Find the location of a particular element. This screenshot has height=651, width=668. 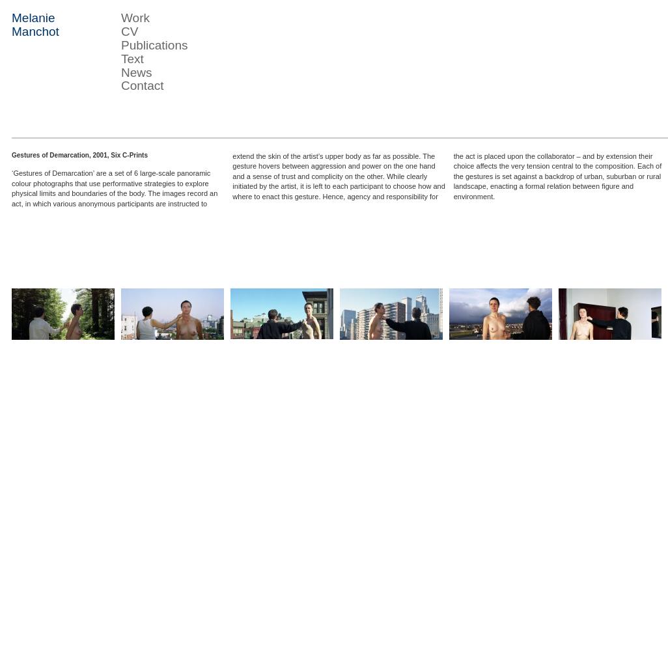

'Text' is located at coordinates (132, 57).